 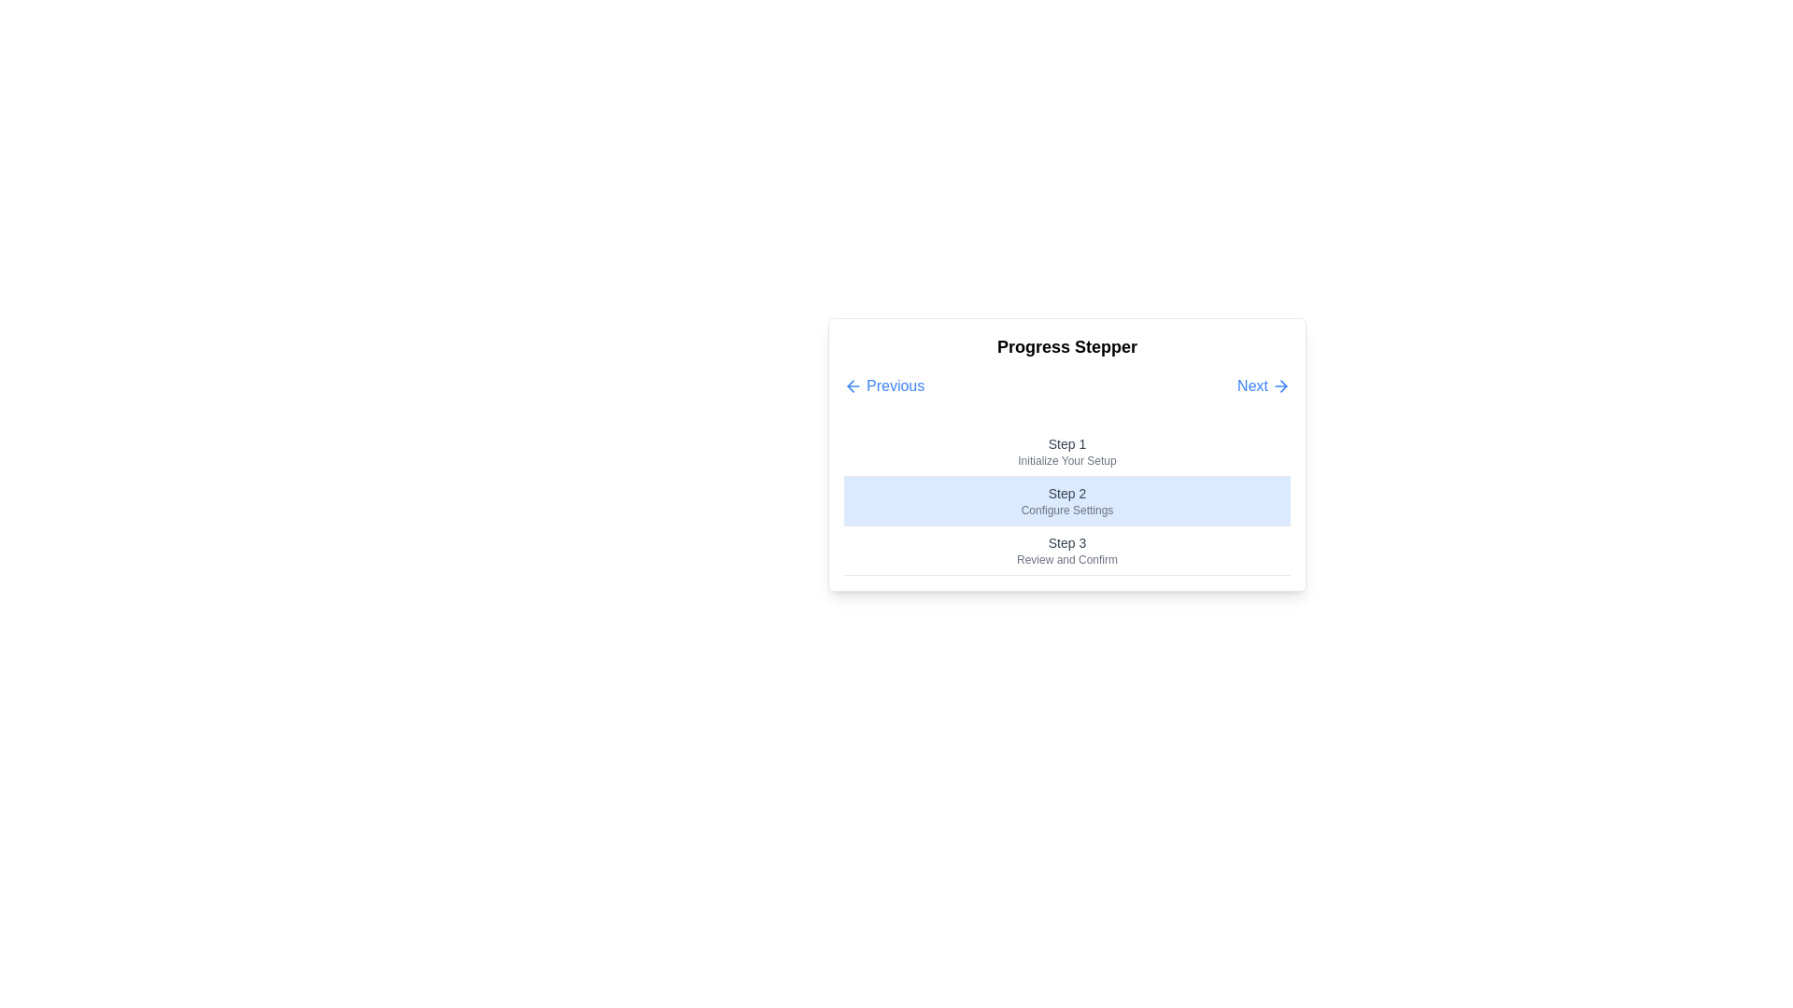 I want to click on the directional icon indicating 'Previous' in the navigation control area, so click(x=852, y=385).